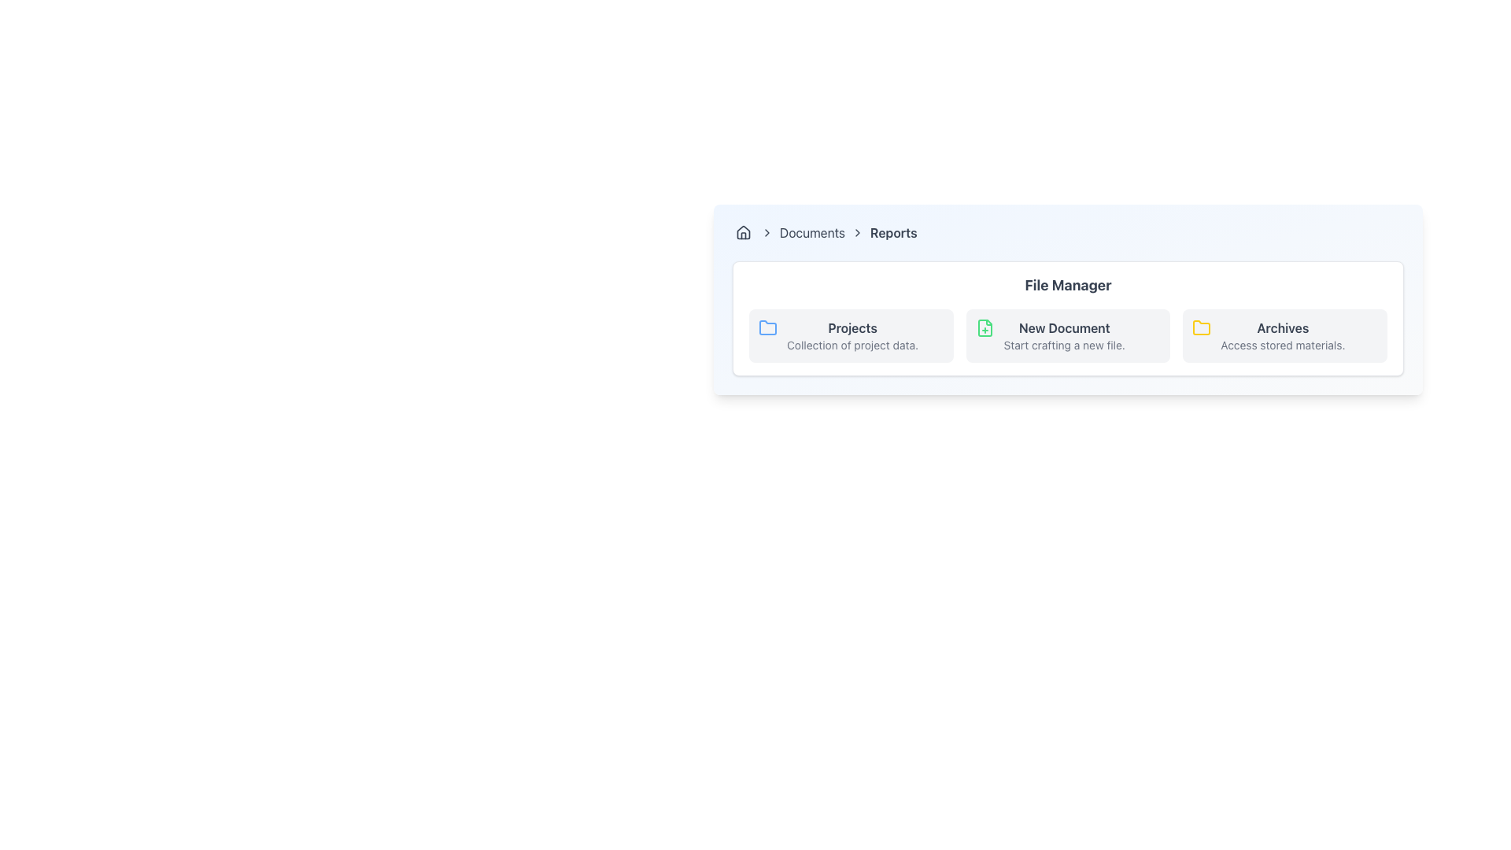 This screenshot has height=850, width=1511. What do you see at coordinates (1283, 327) in the screenshot?
I see `the 'Archives' text label in the 'File Manager' section to interact with related functionalities` at bounding box center [1283, 327].